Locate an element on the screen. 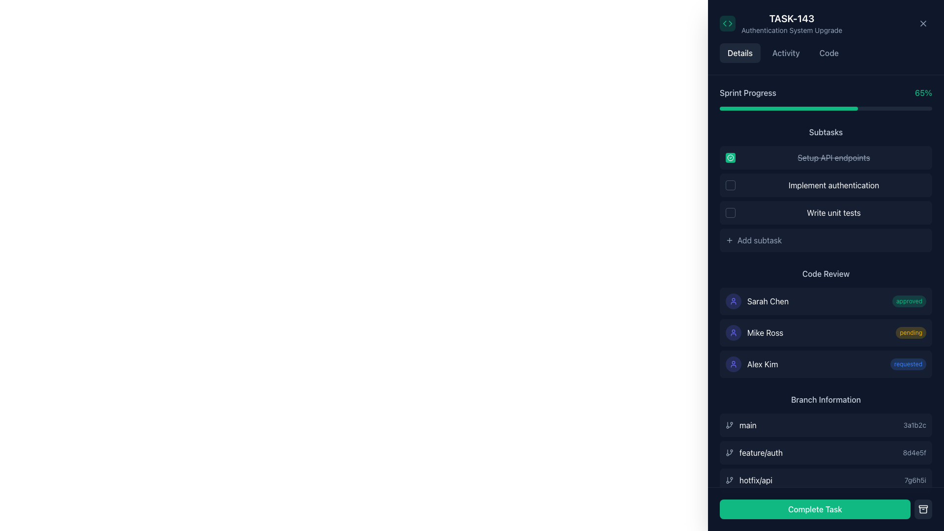  displayed identifier '7g6h5i' from the text label located at the end of the 'hotfix/api' row in the 'Branch Information' section is located at coordinates (914, 479).